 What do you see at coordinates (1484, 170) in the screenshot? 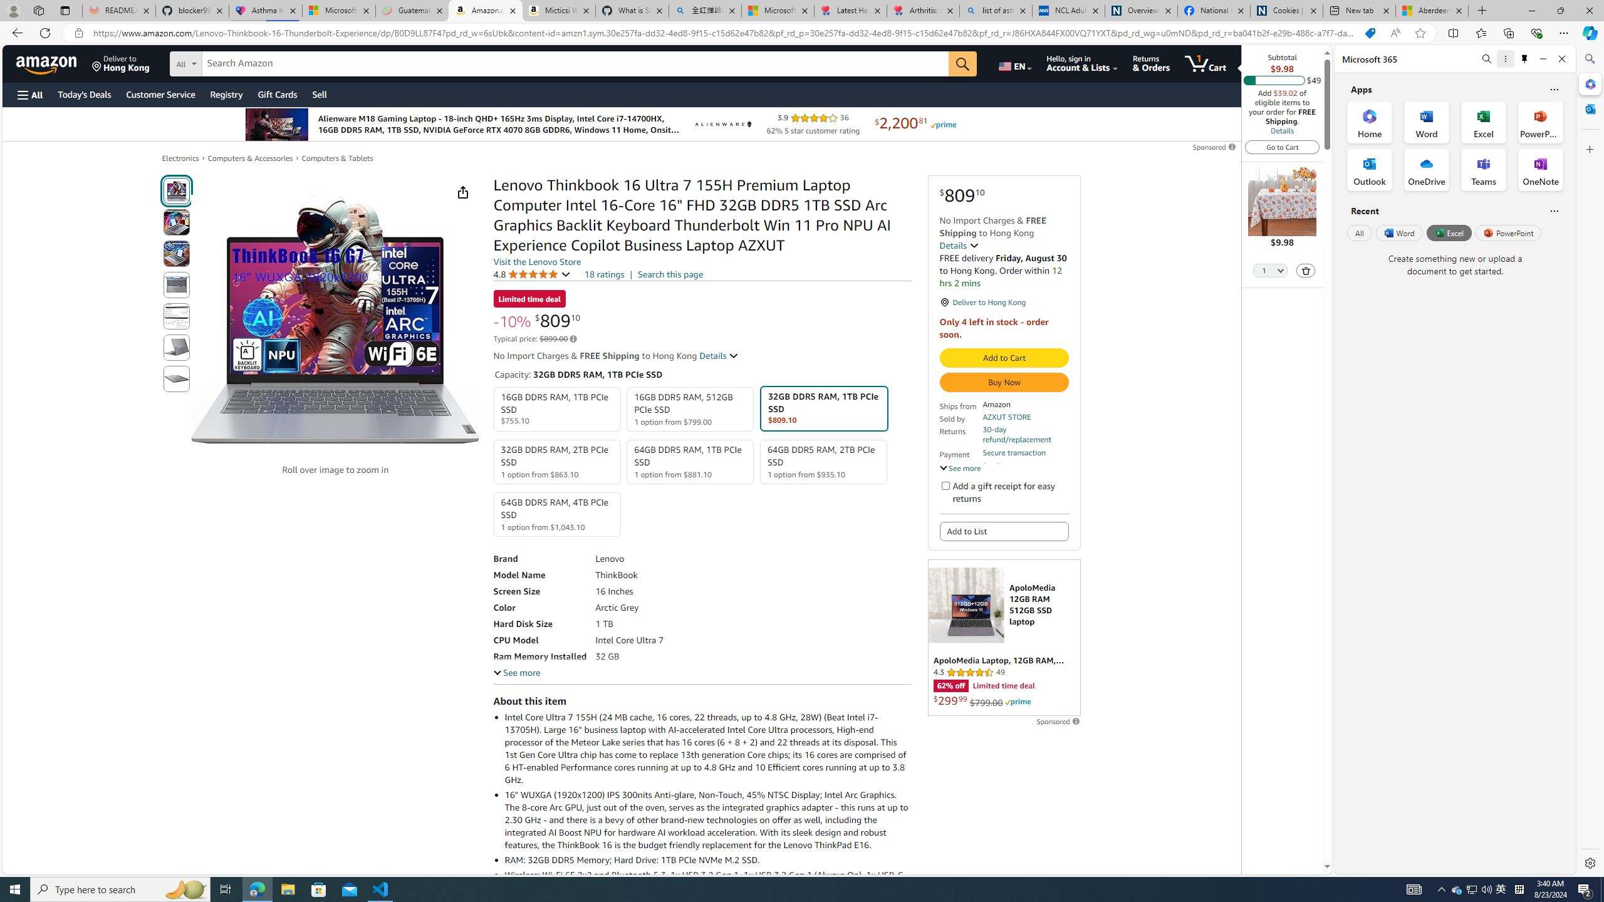
I see `'Teams Office App'` at bounding box center [1484, 170].